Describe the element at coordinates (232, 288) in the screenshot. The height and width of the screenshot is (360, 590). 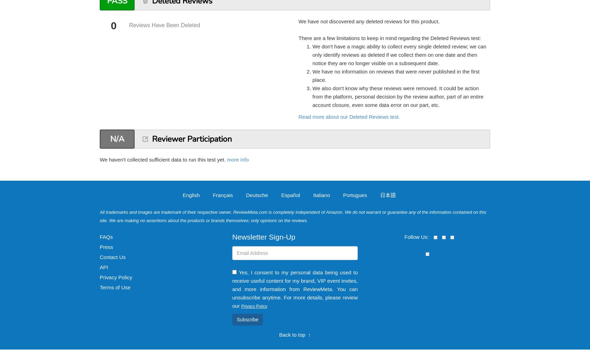
I see `'Yes, I consent to my personal data being used to receive useful content for my brand, 
                                         VIP event invites, and more information from ReviewMeta.
                                         You can unsubscribe anytime. For more details, please review our'` at that location.